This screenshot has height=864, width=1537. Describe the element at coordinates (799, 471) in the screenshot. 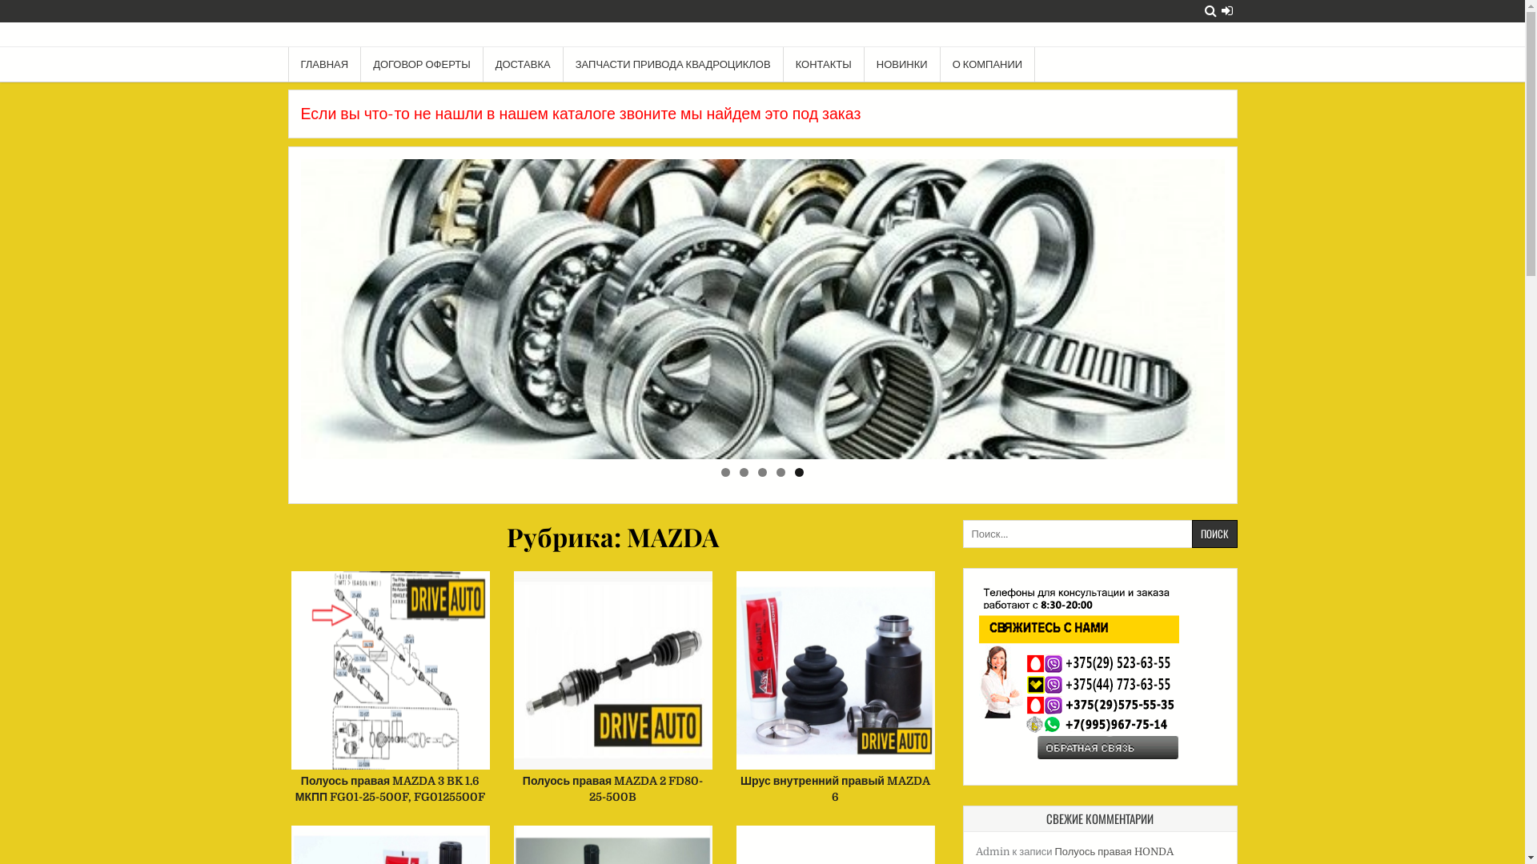

I see `'5'` at that location.